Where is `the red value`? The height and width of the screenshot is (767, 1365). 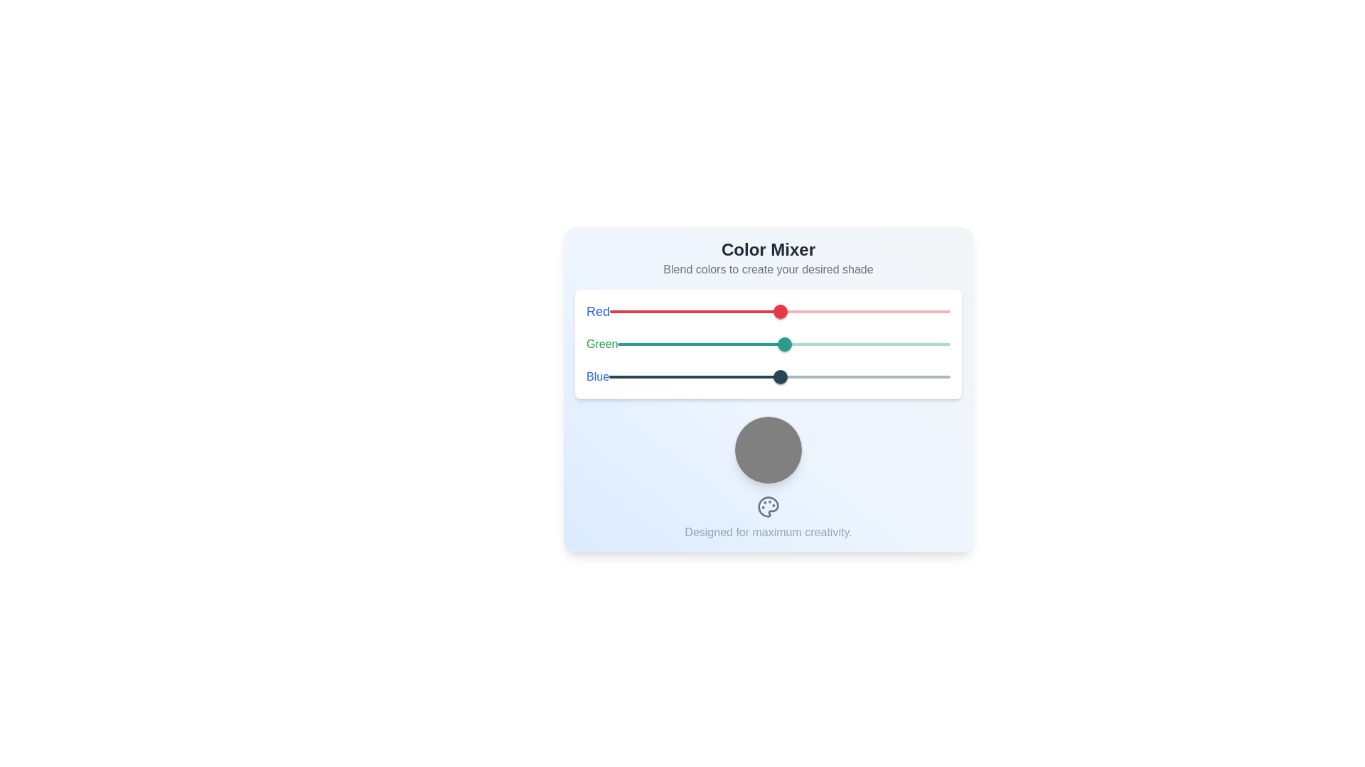
the red value is located at coordinates (778, 311).